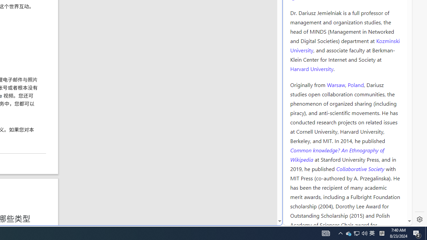 Image resolution: width=427 pixels, height=240 pixels. I want to click on 'Kozminski University', so click(345, 45).